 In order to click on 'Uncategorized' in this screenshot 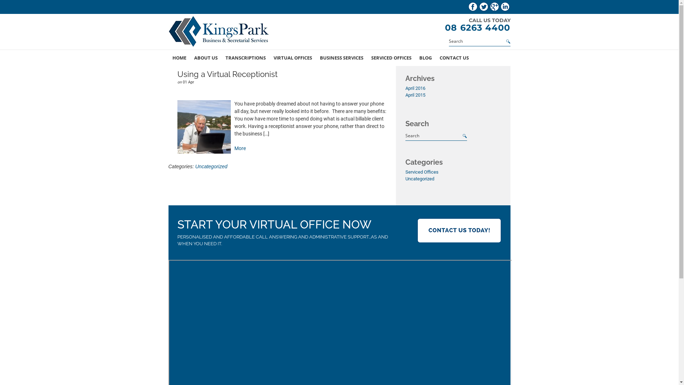, I will do `click(211, 166)`.